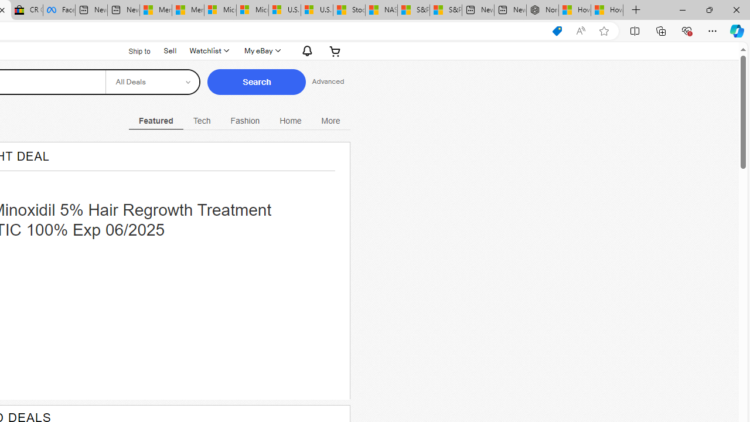 This screenshot has height=422, width=750. Describe the element at coordinates (208, 50) in the screenshot. I see `'Watchlist'` at that location.